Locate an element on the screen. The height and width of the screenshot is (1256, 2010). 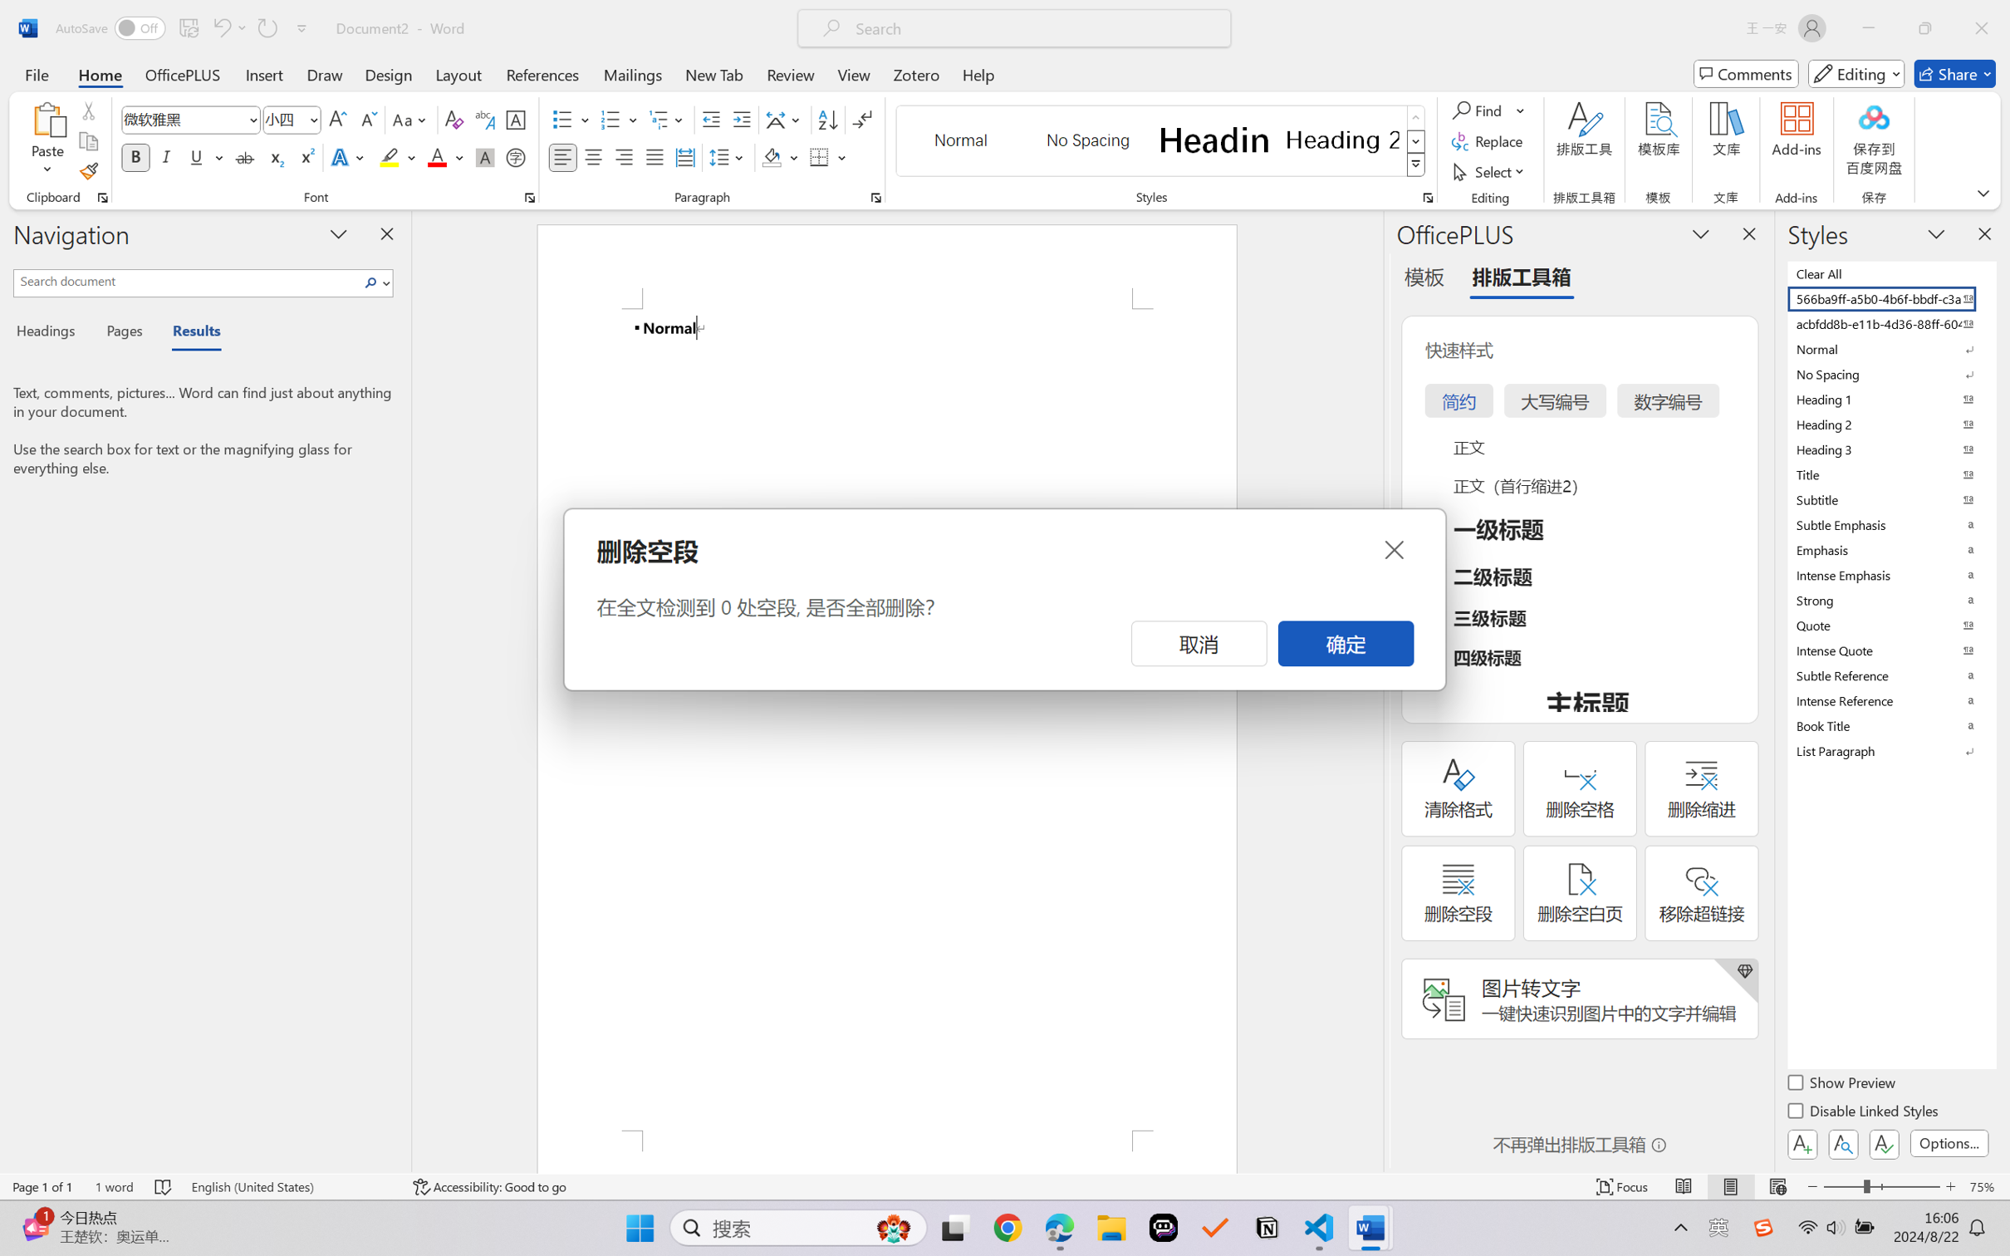
'Minimize' is located at coordinates (1869, 27).